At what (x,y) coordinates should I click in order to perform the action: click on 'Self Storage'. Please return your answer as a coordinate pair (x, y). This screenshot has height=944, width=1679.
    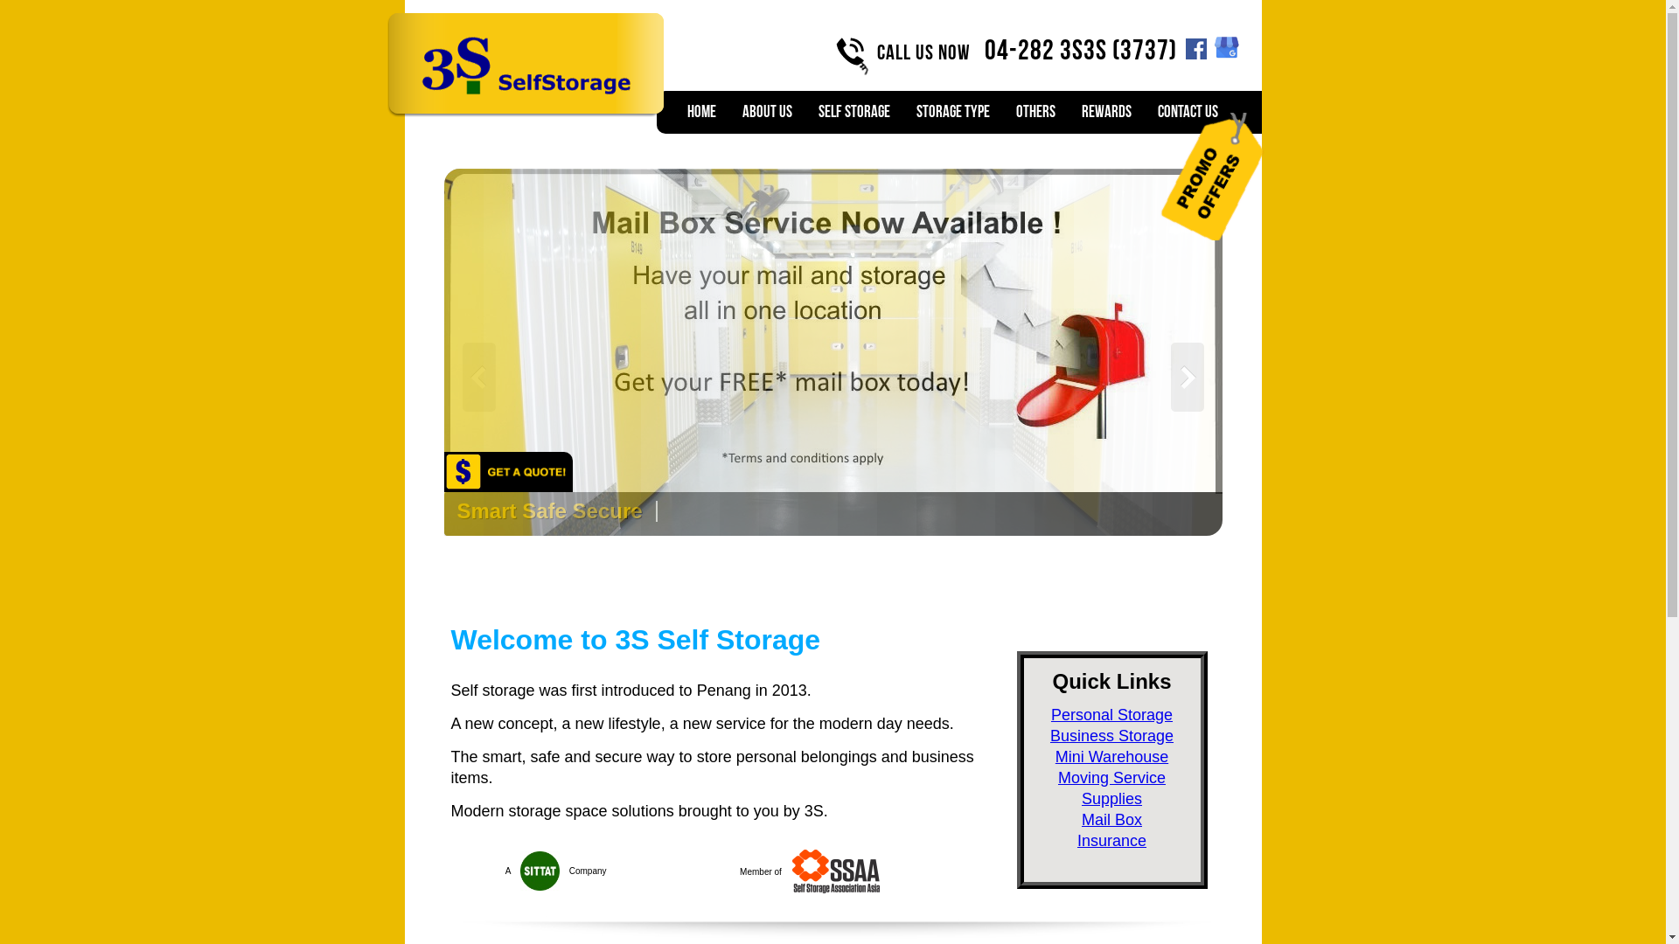
    Looking at the image, I should click on (854, 112).